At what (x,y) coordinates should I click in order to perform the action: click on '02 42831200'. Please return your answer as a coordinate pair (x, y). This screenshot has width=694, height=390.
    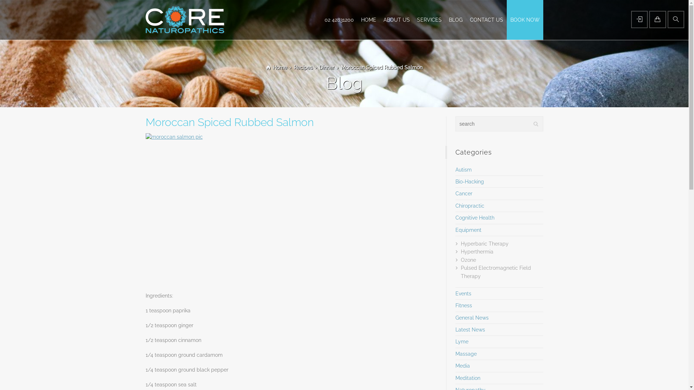
    Looking at the image, I should click on (339, 19).